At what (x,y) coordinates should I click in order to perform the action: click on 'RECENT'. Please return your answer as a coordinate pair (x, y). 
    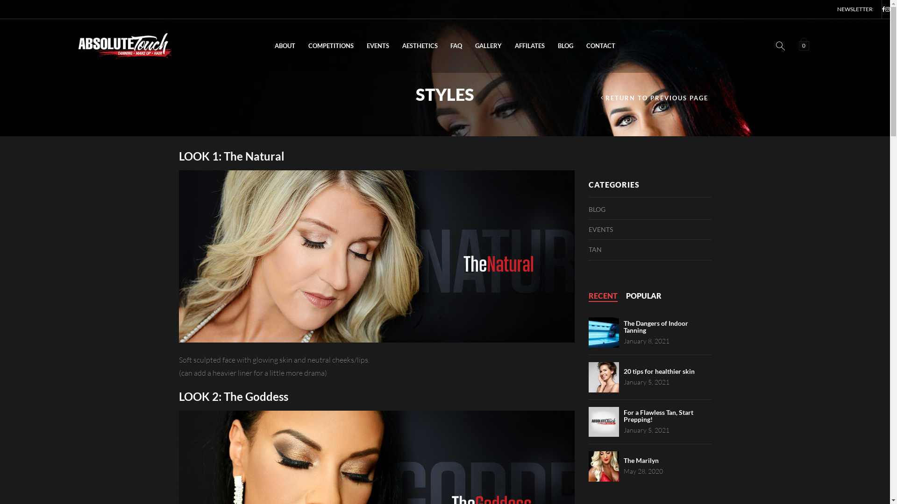
    Looking at the image, I should click on (603, 296).